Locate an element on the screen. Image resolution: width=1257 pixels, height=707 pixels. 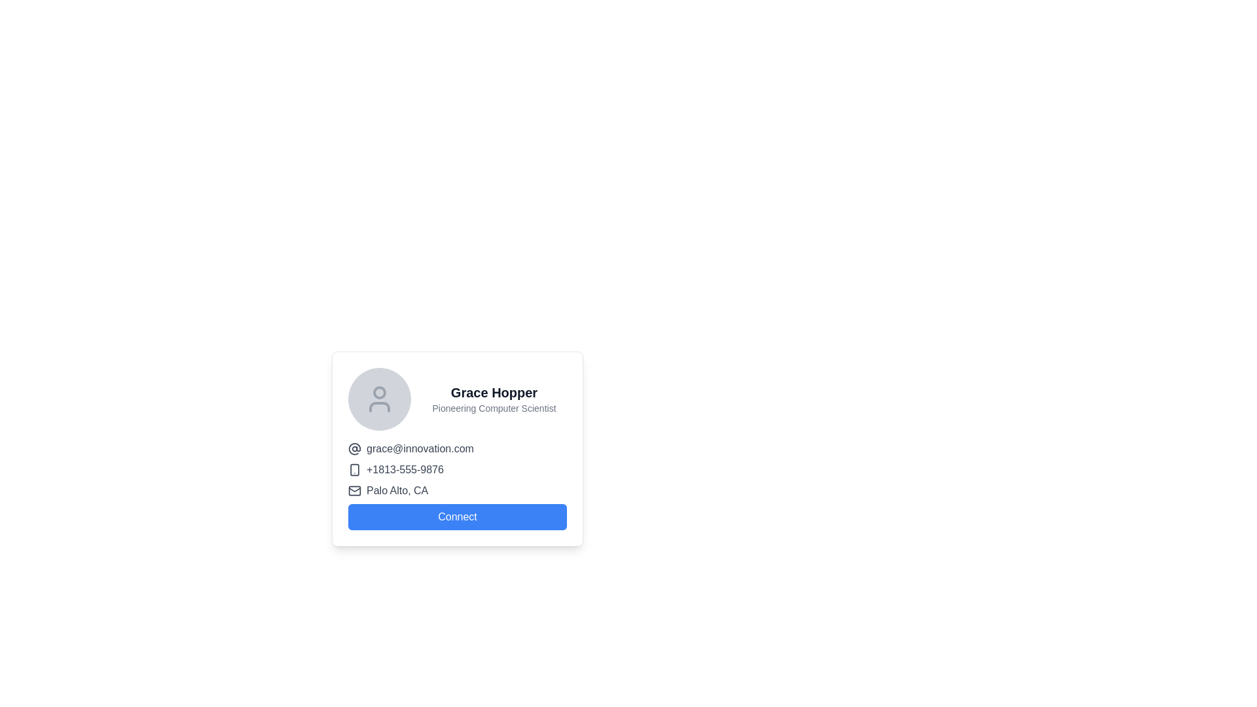
the location indicator icon located to the left of the text 'Palo Alto, CA' is located at coordinates (355, 490).